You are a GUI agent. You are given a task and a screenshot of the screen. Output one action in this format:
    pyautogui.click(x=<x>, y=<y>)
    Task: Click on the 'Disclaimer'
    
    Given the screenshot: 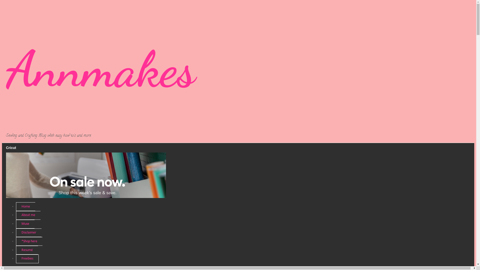 What is the action you would take?
    pyautogui.click(x=28, y=233)
    